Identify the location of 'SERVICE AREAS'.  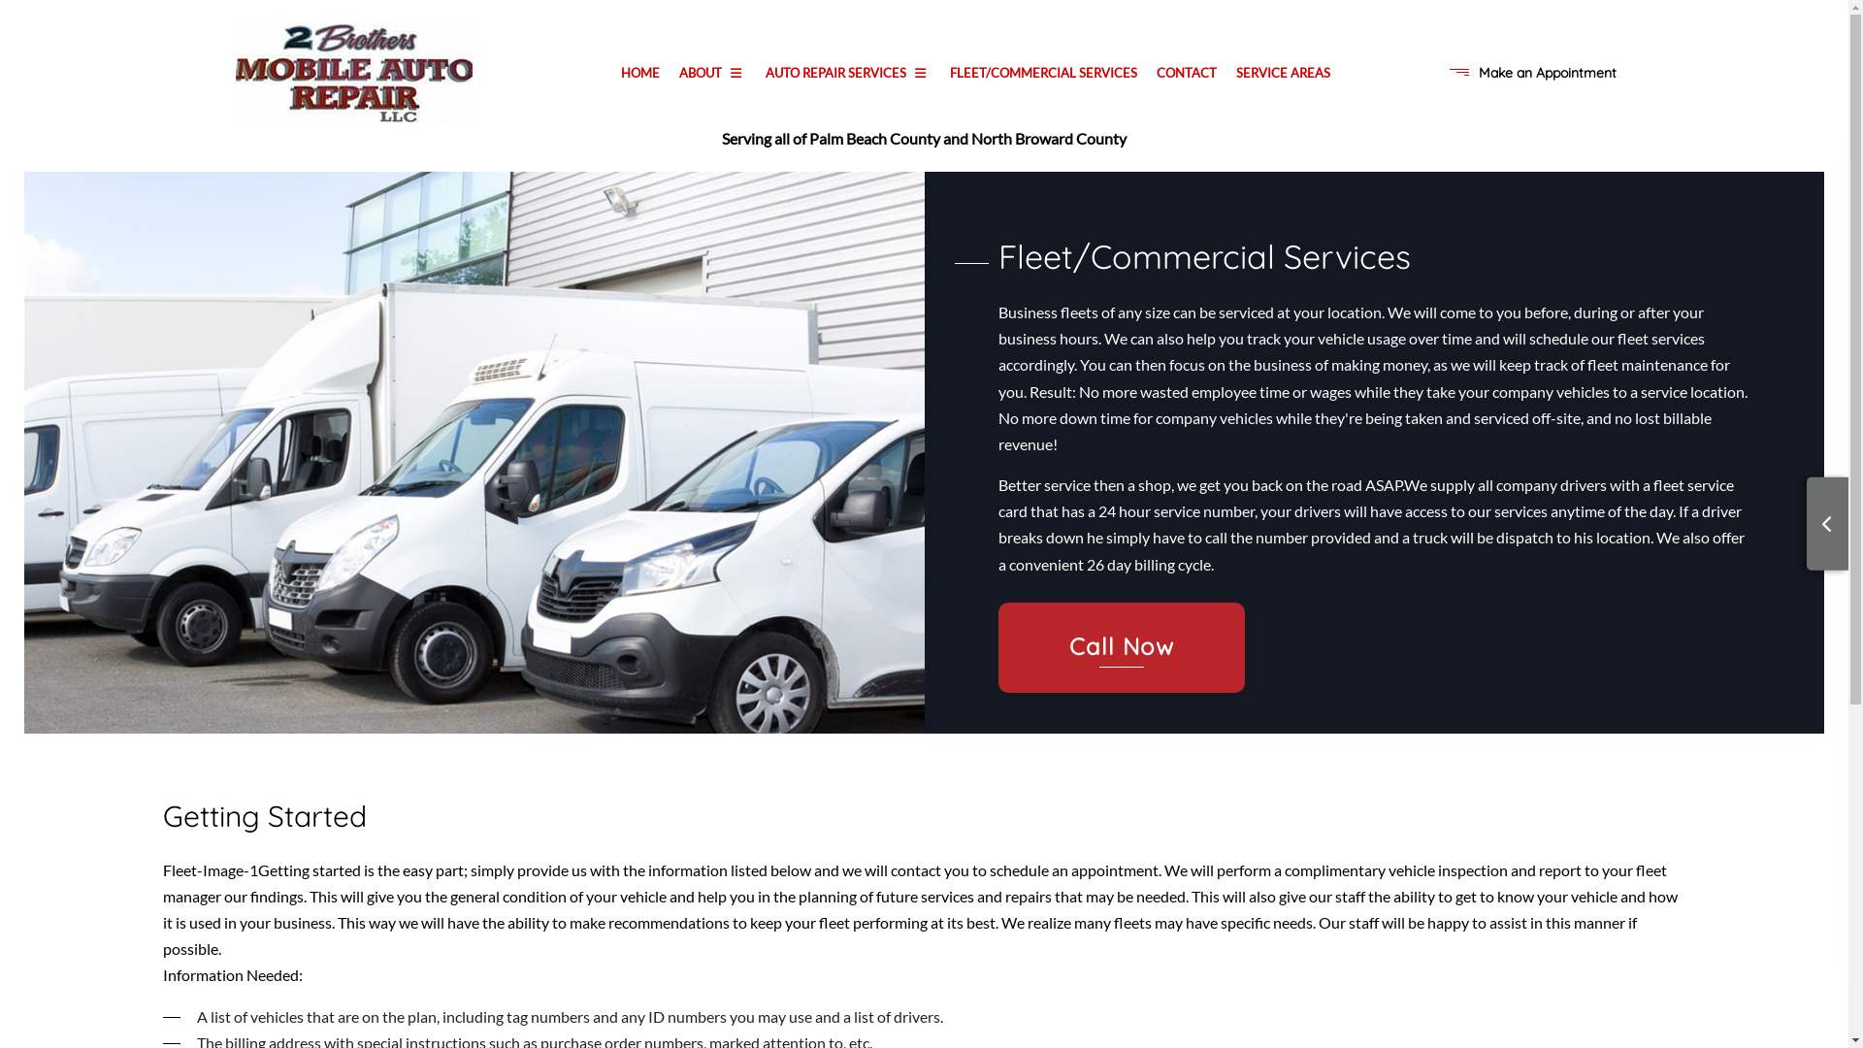
(1283, 72).